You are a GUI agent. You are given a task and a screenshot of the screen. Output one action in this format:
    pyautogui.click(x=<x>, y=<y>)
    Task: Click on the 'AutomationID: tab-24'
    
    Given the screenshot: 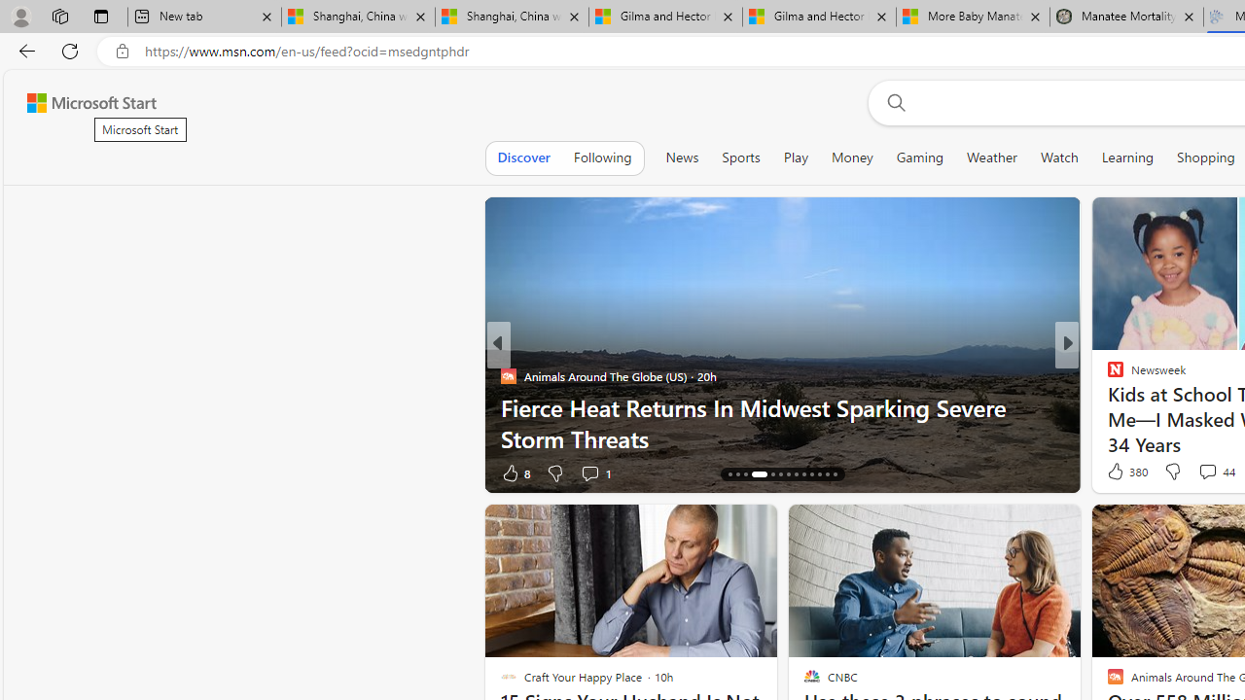 What is the action you would take?
    pyautogui.click(x=819, y=474)
    